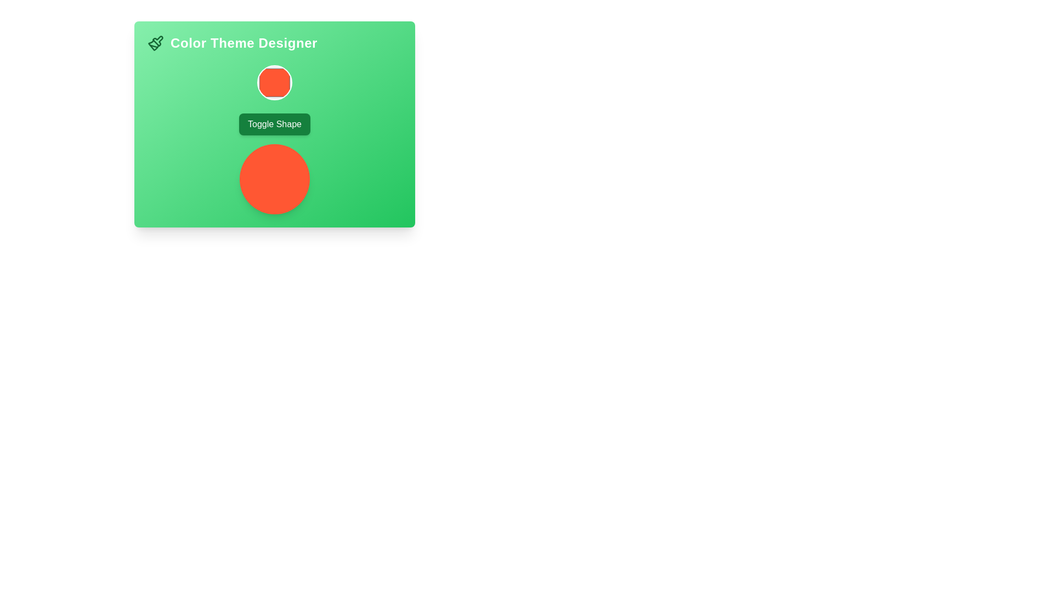 The width and height of the screenshot is (1053, 592). I want to click on the circular color picker button located centrally near the top of the interface, so click(274, 82).